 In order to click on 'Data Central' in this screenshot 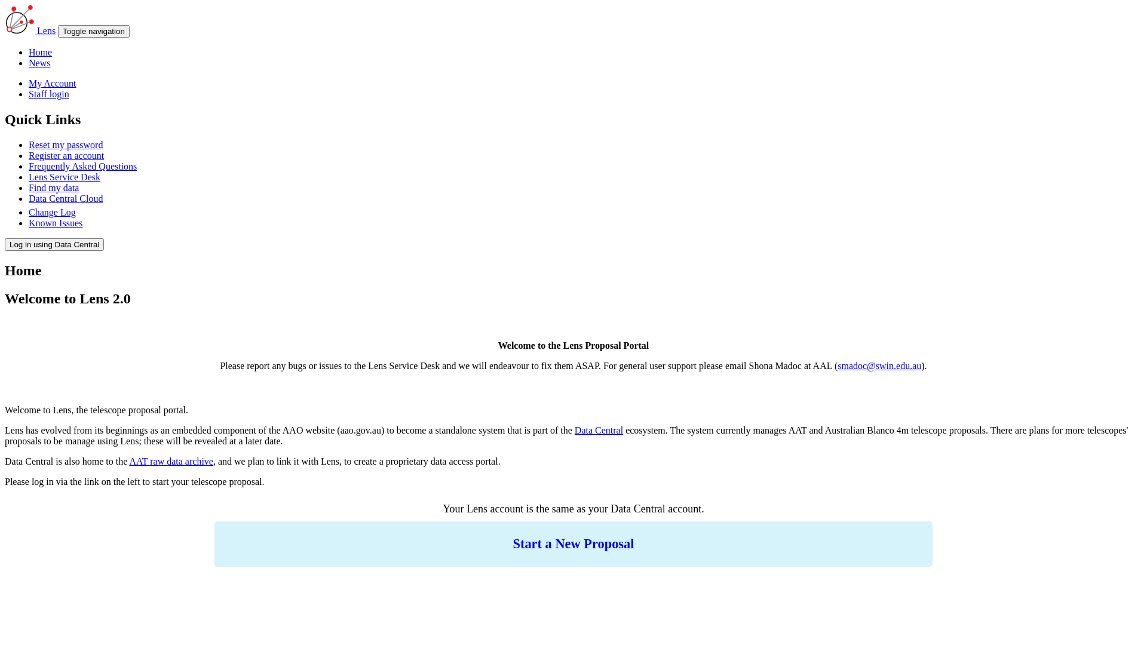, I will do `click(599, 430)`.